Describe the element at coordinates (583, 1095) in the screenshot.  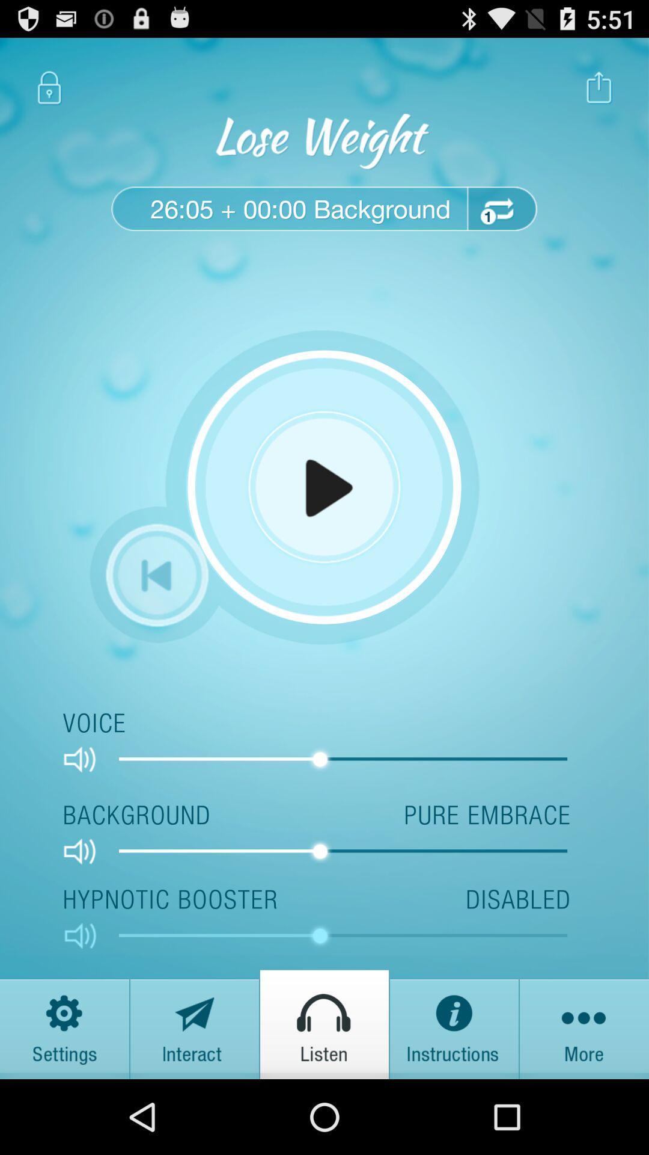
I see `the more icon` at that location.